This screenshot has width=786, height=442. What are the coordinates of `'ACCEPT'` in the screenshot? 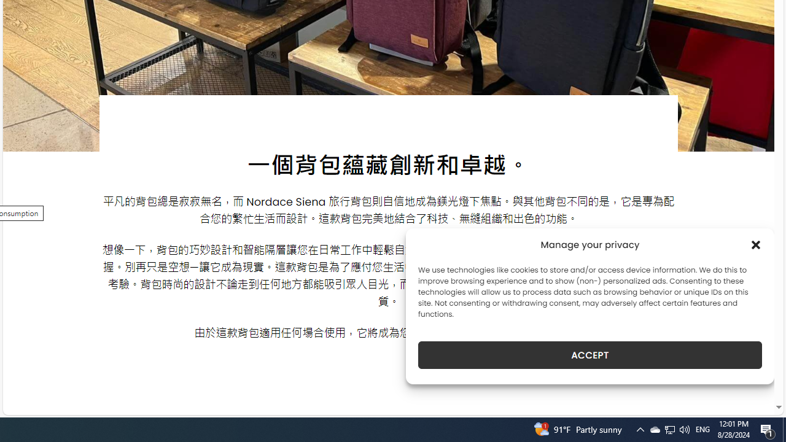 It's located at (590, 355).